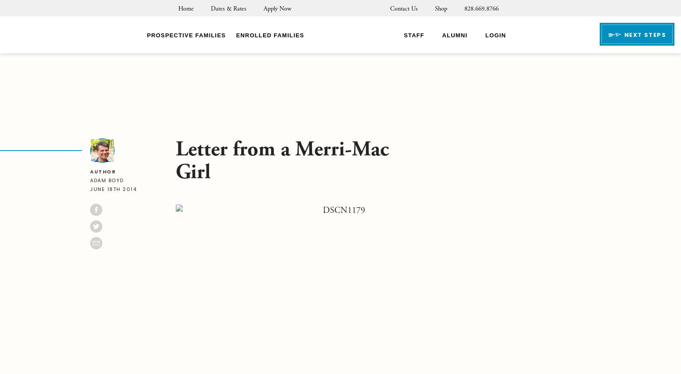 The width and height of the screenshot is (681, 374). What do you see at coordinates (276, 8) in the screenshot?
I see `'Apply Now'` at bounding box center [276, 8].